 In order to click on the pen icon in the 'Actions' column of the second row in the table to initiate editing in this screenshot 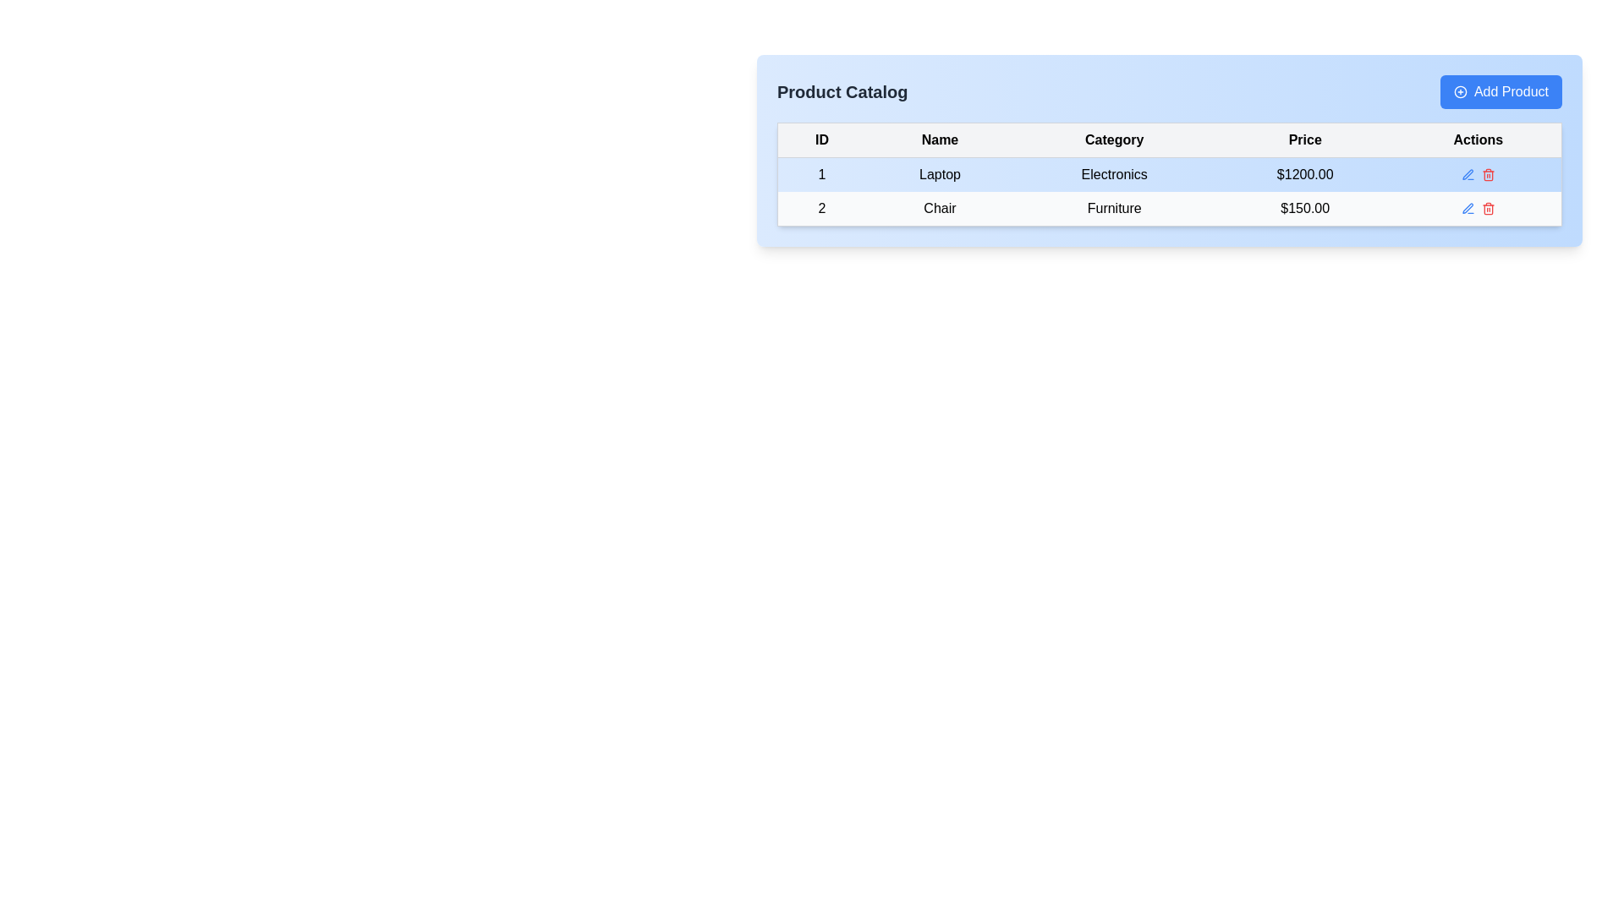, I will do `click(1467, 207)`.